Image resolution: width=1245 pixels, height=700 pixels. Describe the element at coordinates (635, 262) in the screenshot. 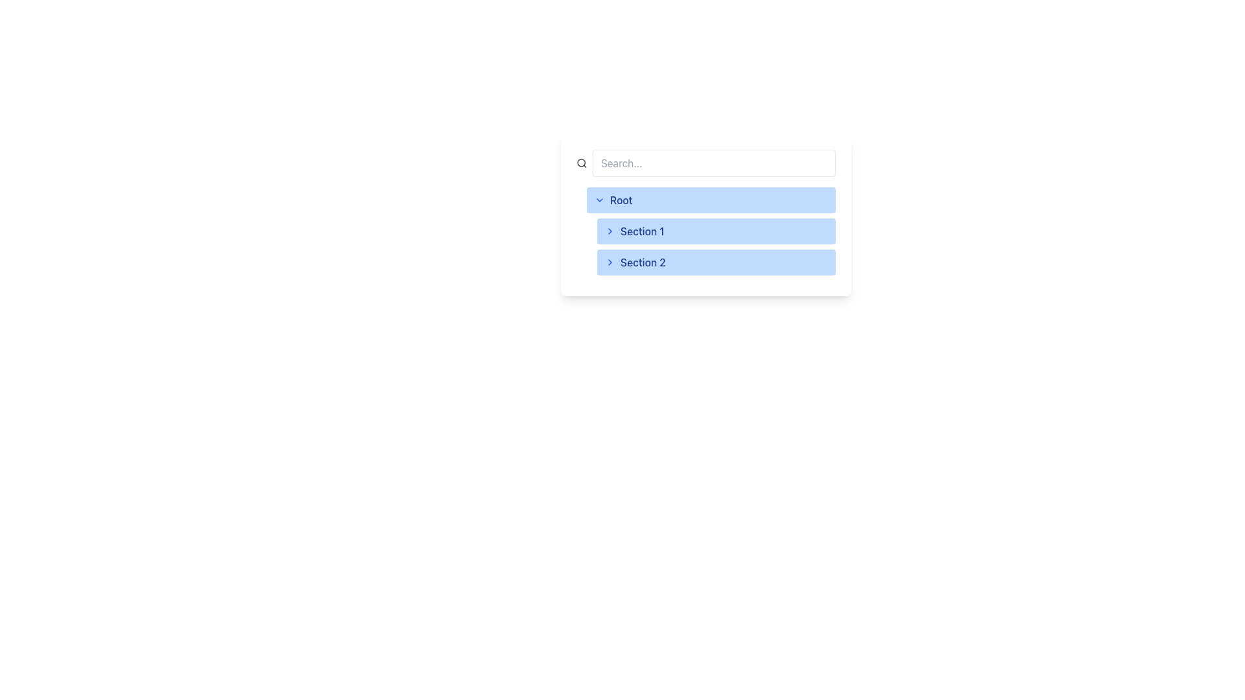

I see `on the text label for 'Section 2' which is located below 'Section 1' in a vertically stacked list of collapsible sections` at that location.